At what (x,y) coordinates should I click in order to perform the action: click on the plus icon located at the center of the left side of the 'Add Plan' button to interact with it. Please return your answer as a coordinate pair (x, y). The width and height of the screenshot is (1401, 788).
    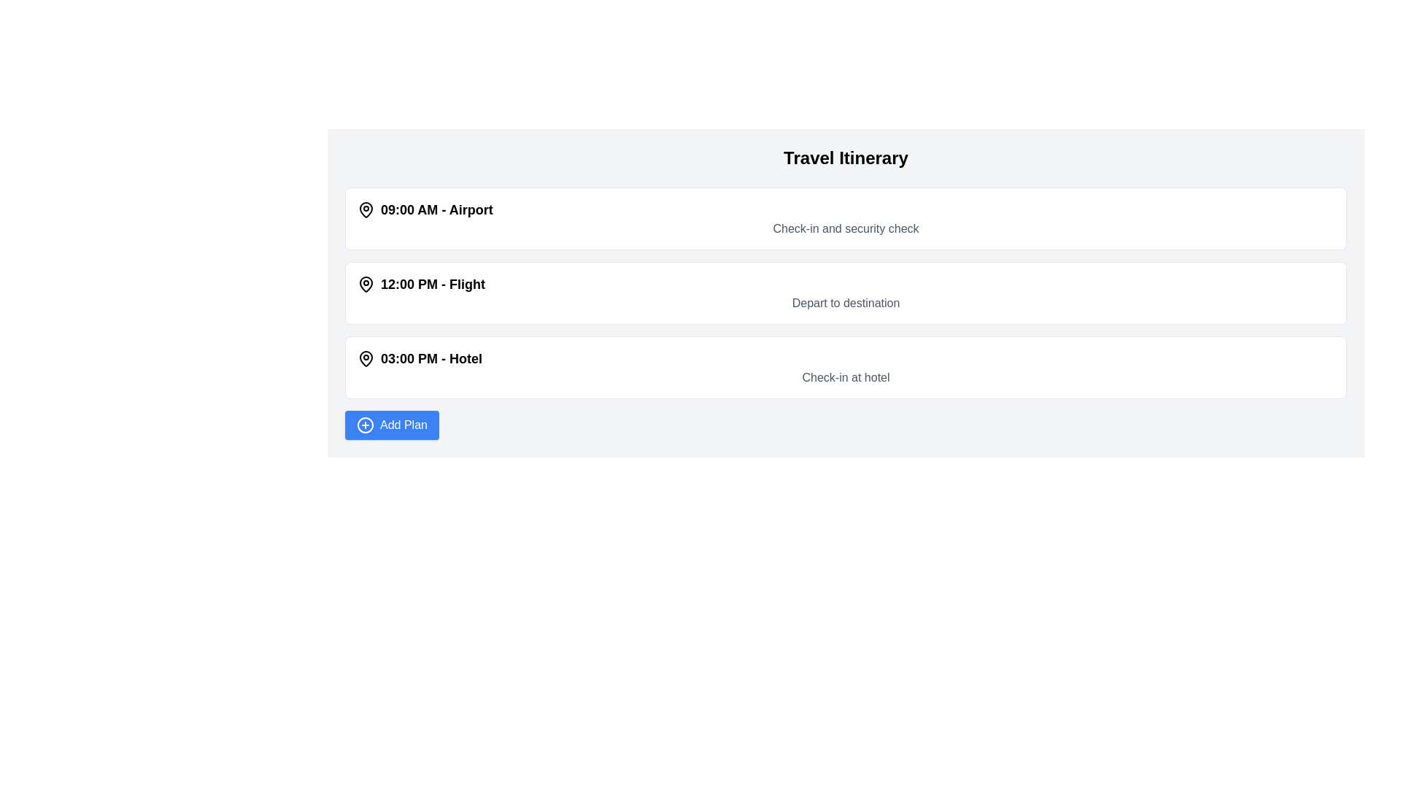
    Looking at the image, I should click on (365, 425).